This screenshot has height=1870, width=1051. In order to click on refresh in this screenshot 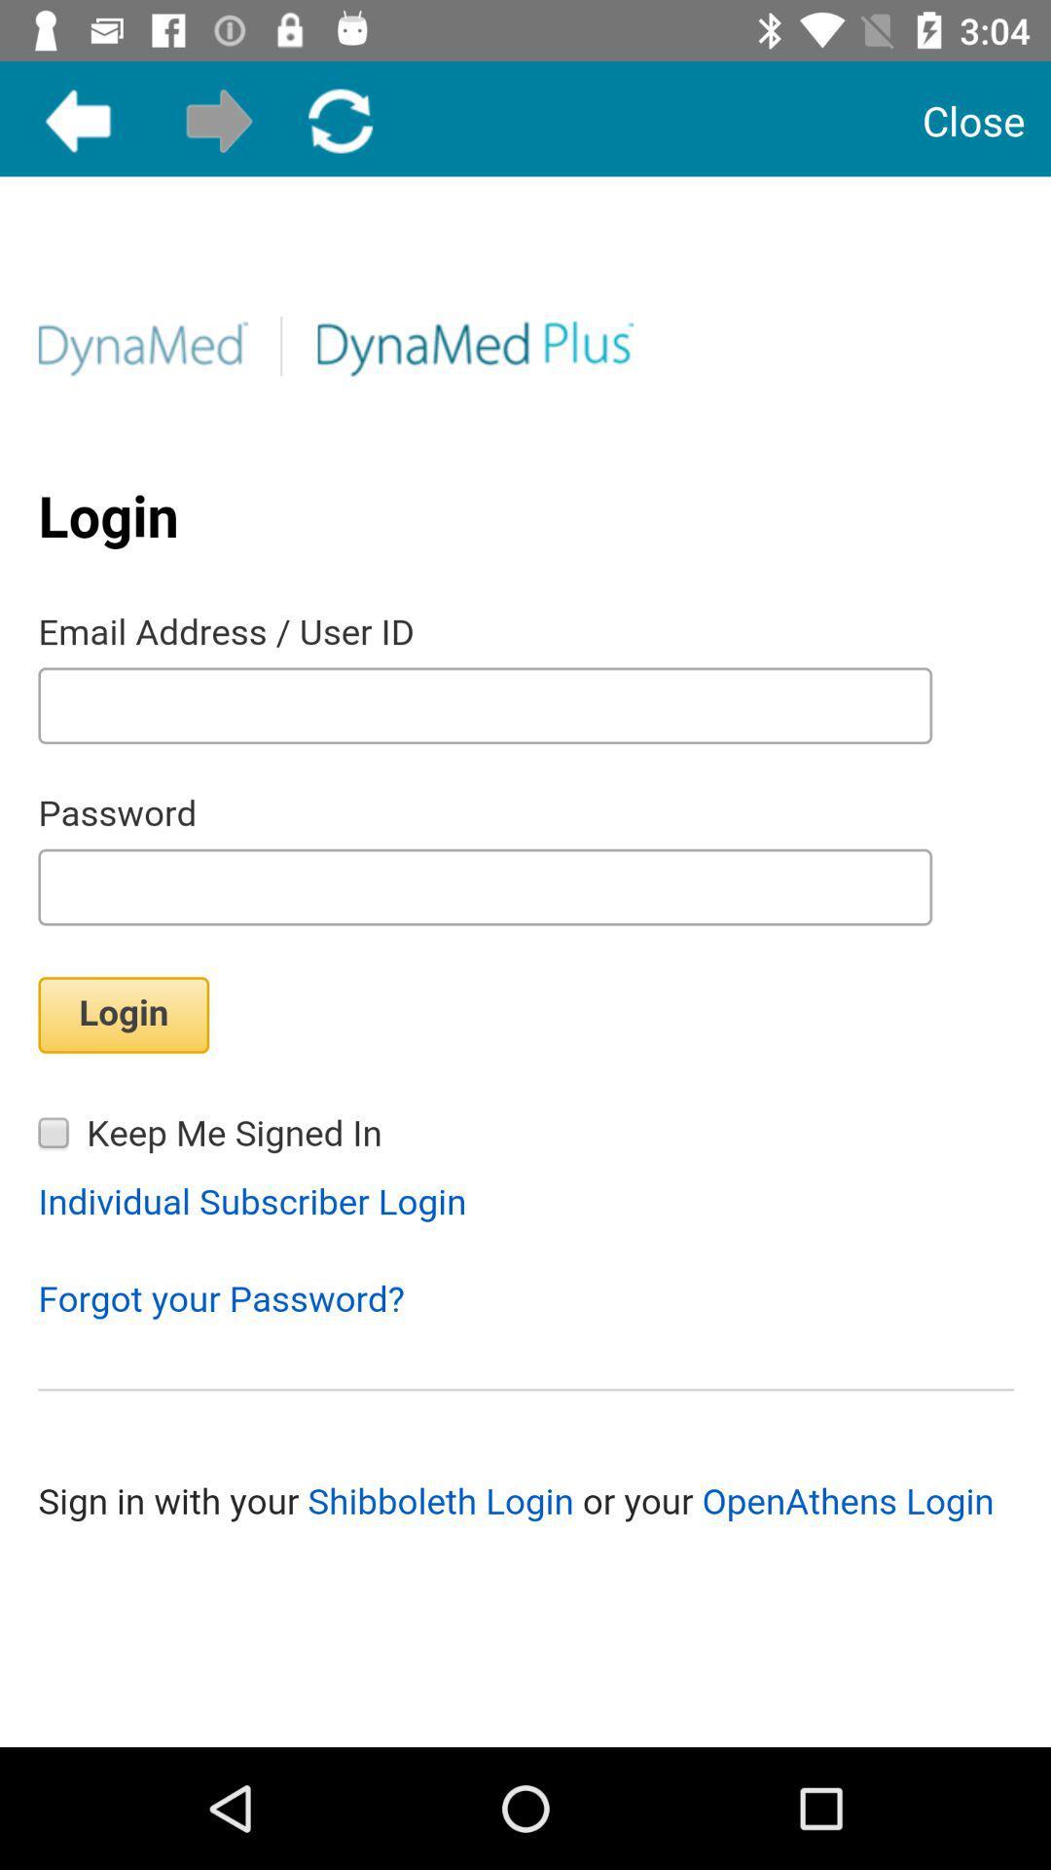, I will do `click(340, 120)`.